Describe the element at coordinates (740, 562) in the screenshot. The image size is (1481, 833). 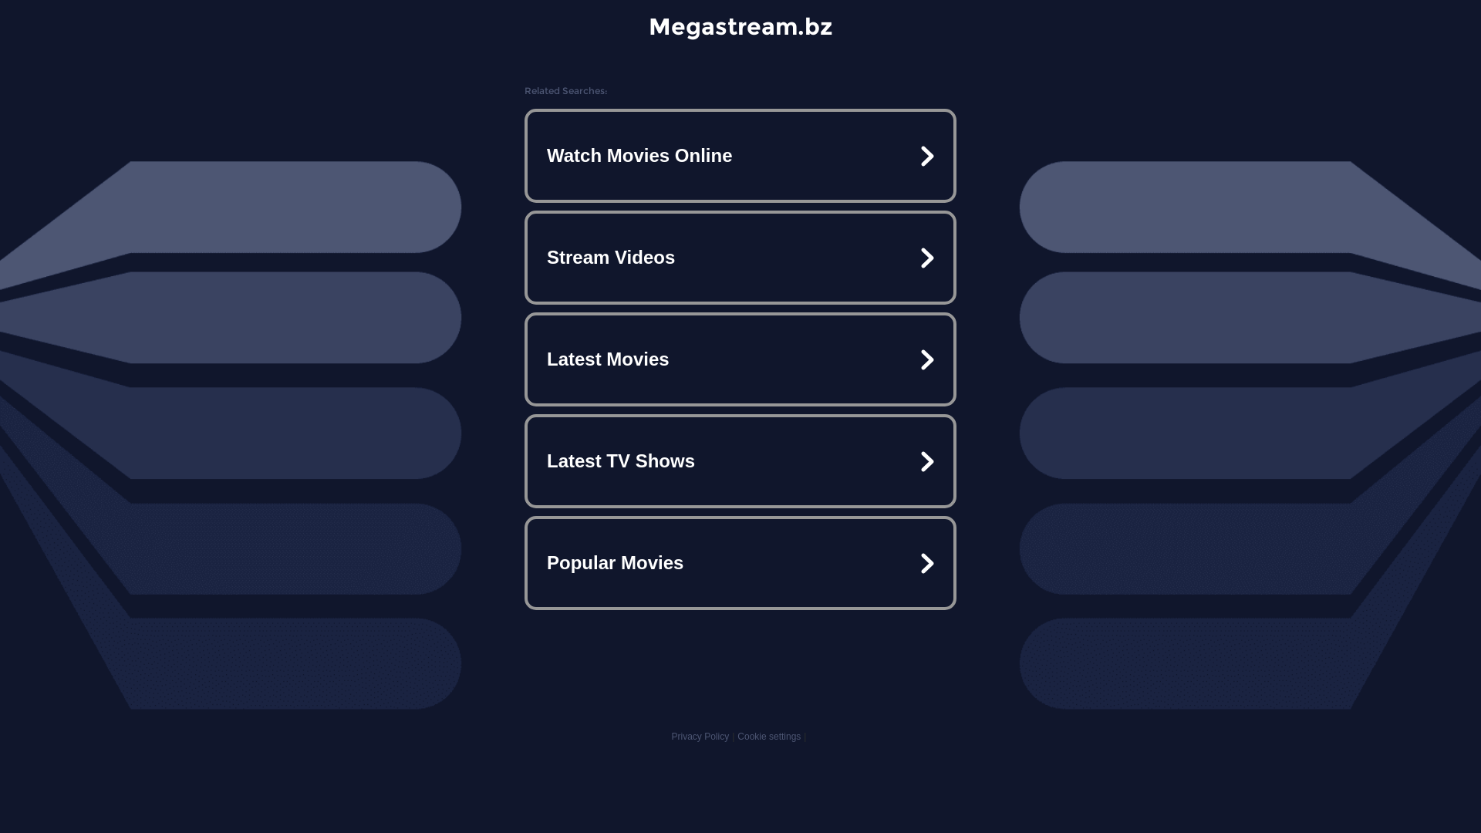
I see `'Popular Movies'` at that location.